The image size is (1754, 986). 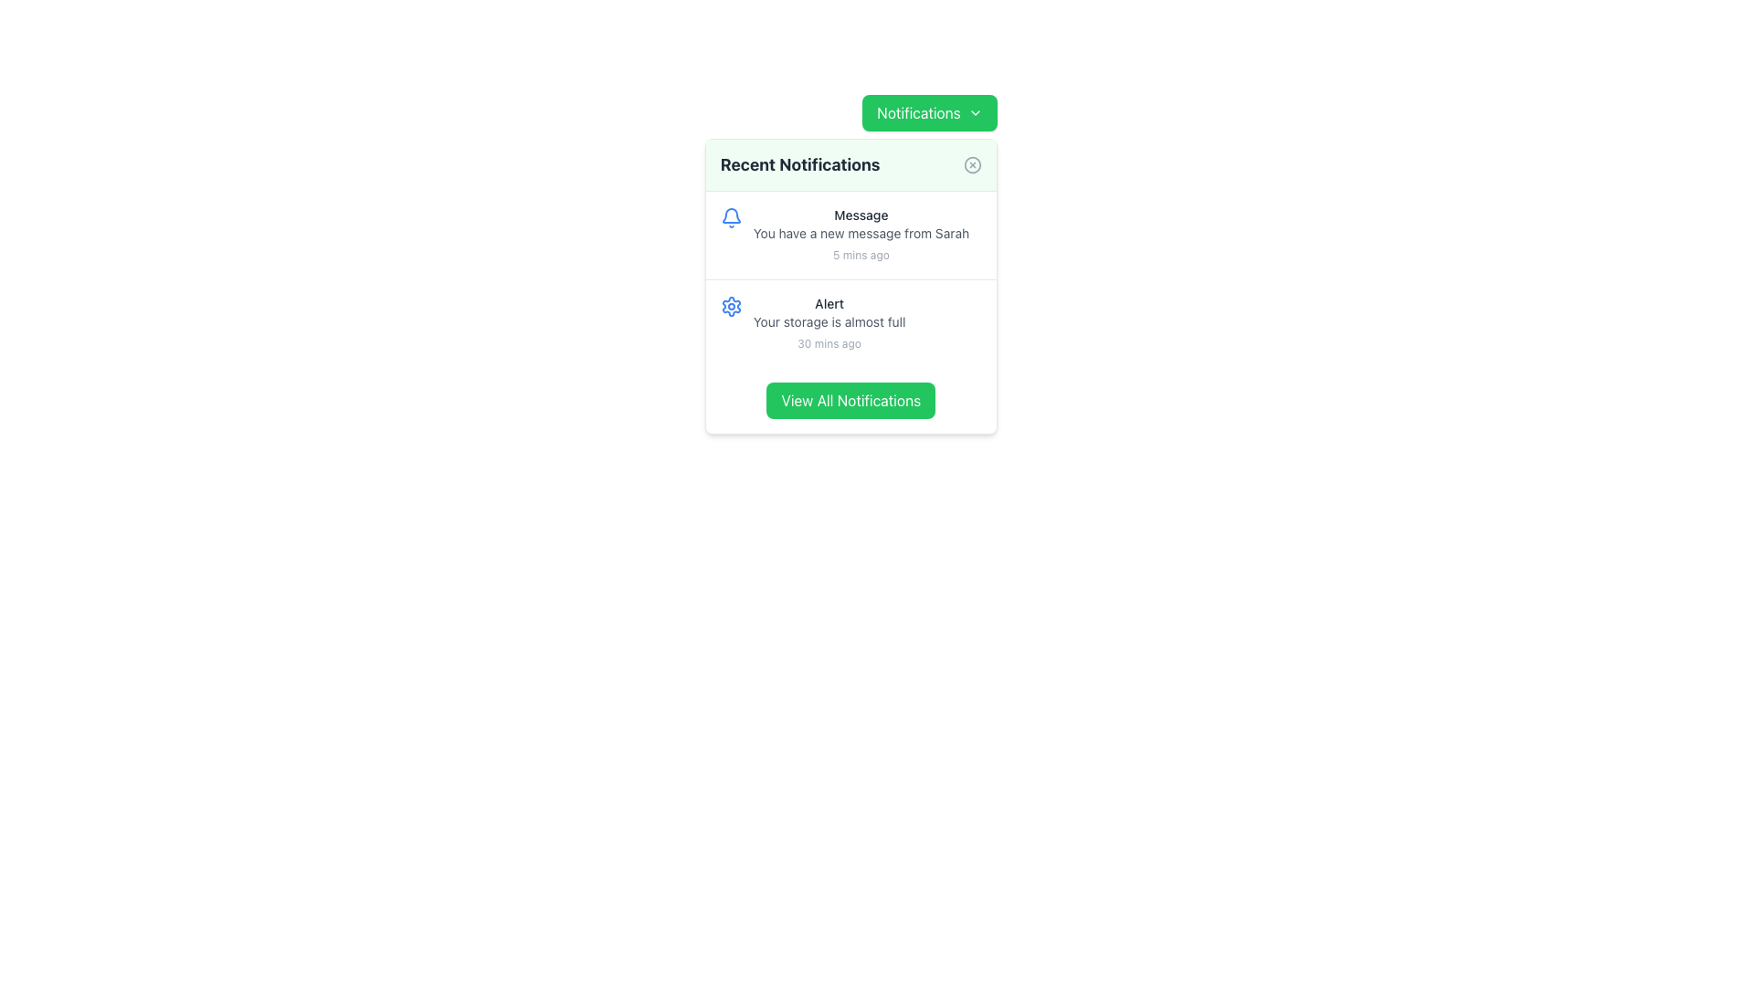 What do you see at coordinates (731, 217) in the screenshot?
I see `the notification alert icon located at the top-left corner of the first notification item in the list` at bounding box center [731, 217].